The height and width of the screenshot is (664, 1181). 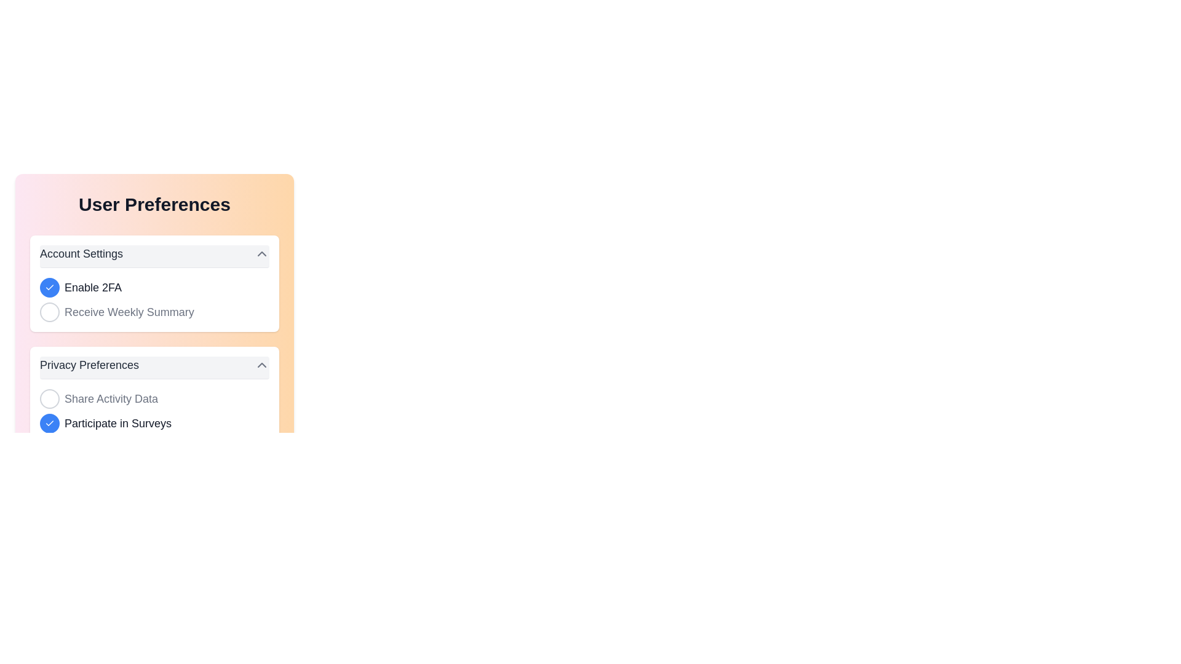 I want to click on the checkbox (circular design) for 'Participate in Surveys', so click(x=49, y=423).